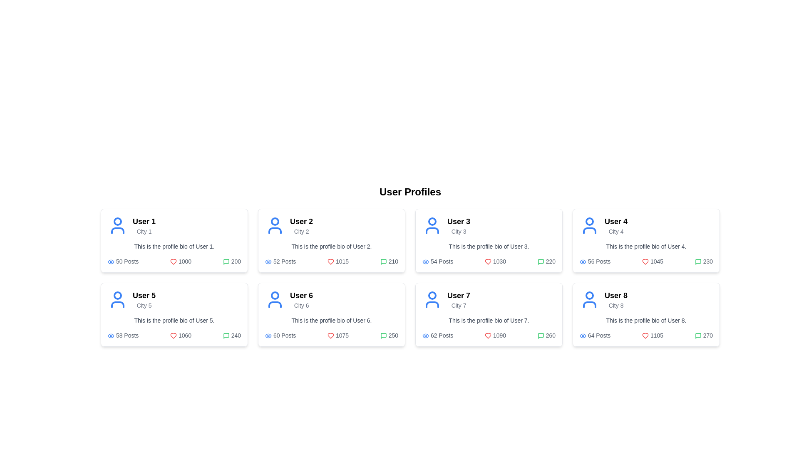  What do you see at coordinates (268, 335) in the screenshot?
I see `the blue eye outline icon located in the lower right quadrant of the profile card for 'User 6', which is part of a visual indicator row for views, likes, and comments` at bounding box center [268, 335].